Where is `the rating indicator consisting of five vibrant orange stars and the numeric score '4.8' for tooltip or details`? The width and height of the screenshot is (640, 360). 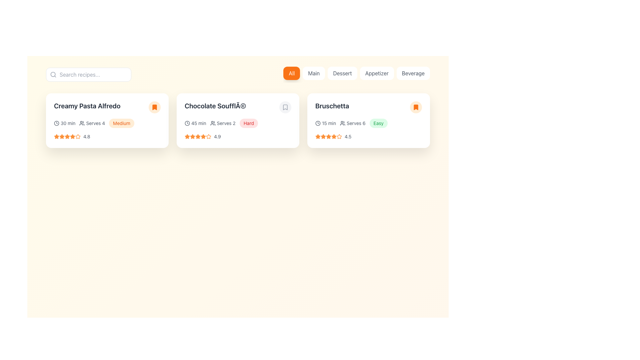
the rating indicator consisting of five vibrant orange stars and the numeric score '4.8' for tooltip or details is located at coordinates (107, 136).